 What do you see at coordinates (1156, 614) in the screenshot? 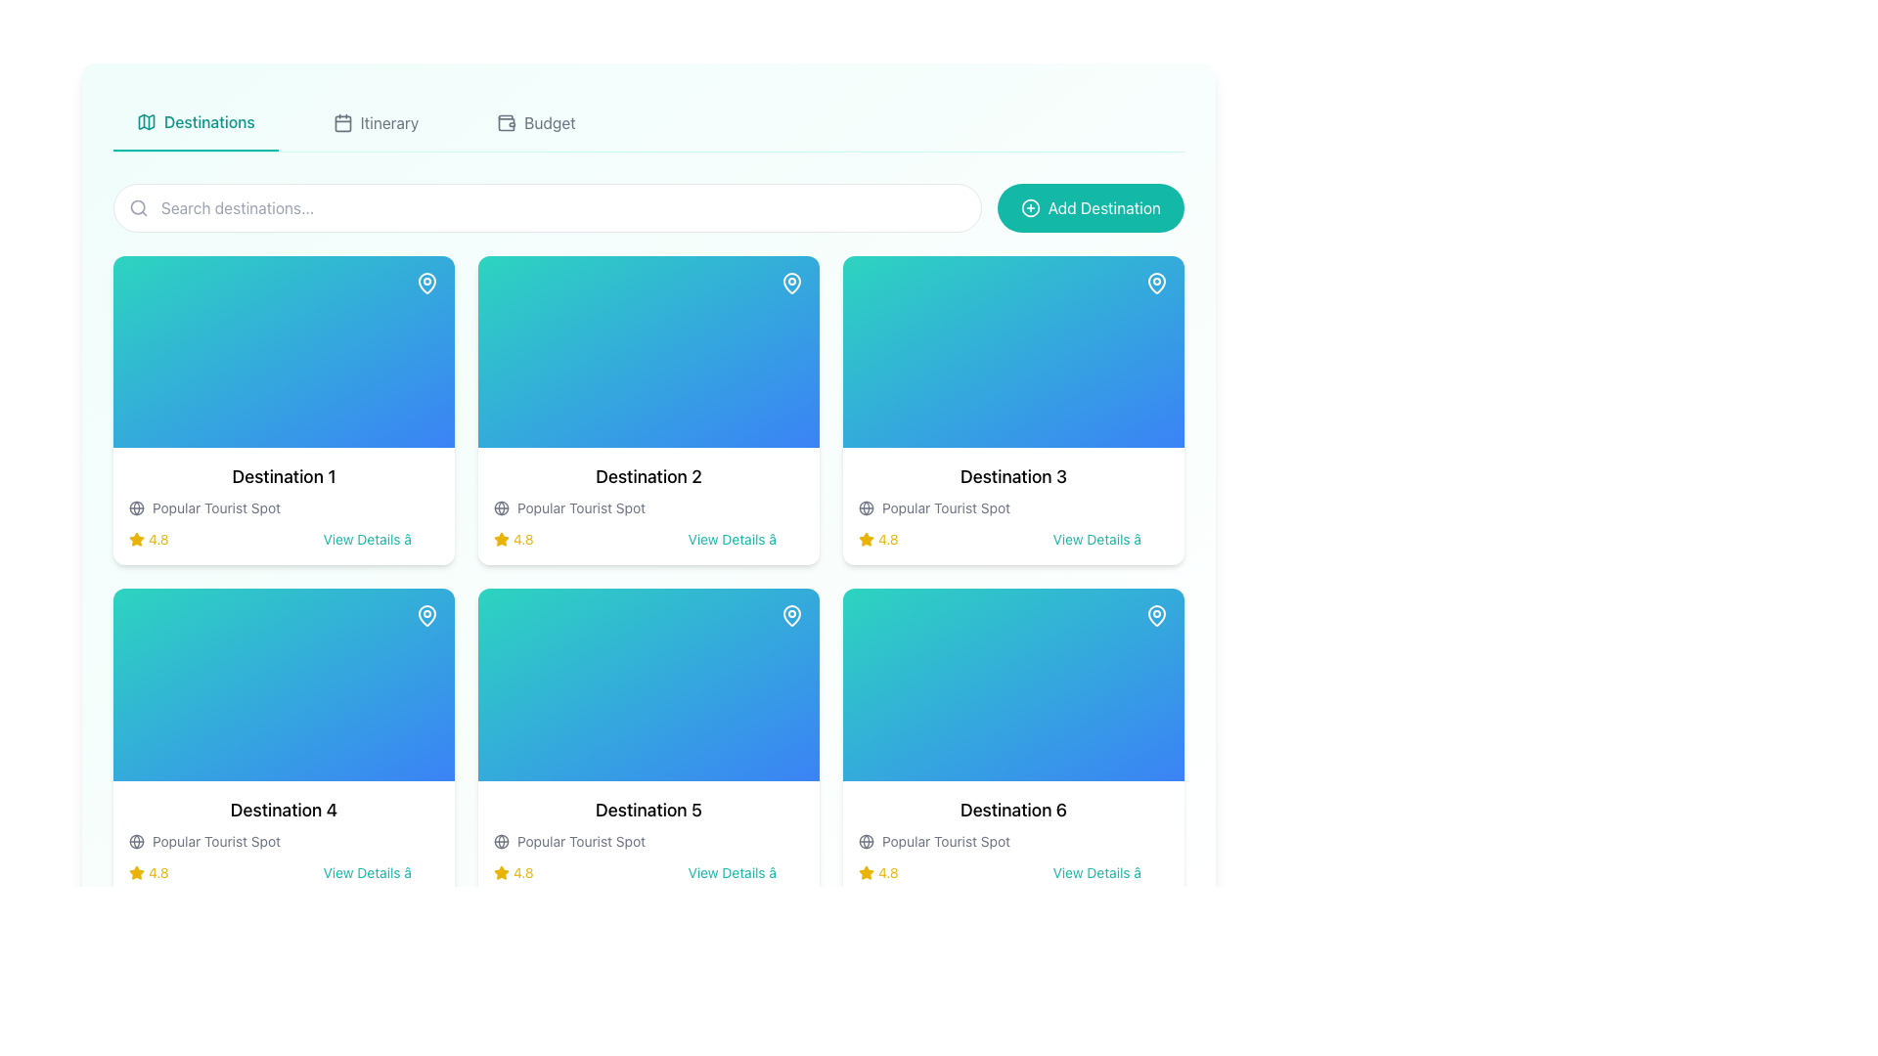
I see `pin drop icon located at the top-right corner of the Destination 6 card, which is styled with a white stroke on a blue background` at bounding box center [1156, 614].